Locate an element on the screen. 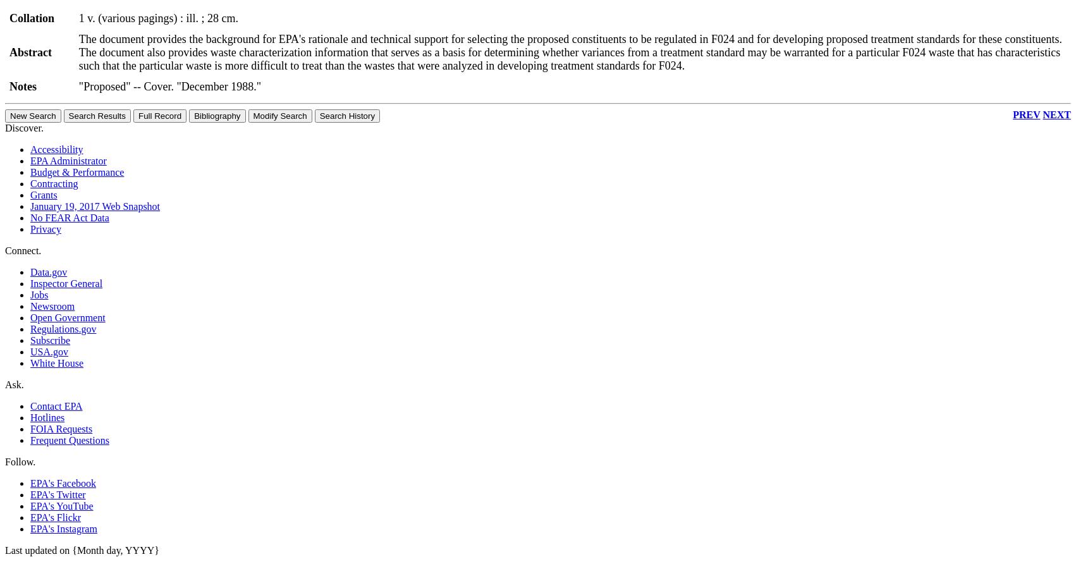 The width and height of the screenshot is (1076, 564). 'Accessibility' is located at coordinates (56, 149).